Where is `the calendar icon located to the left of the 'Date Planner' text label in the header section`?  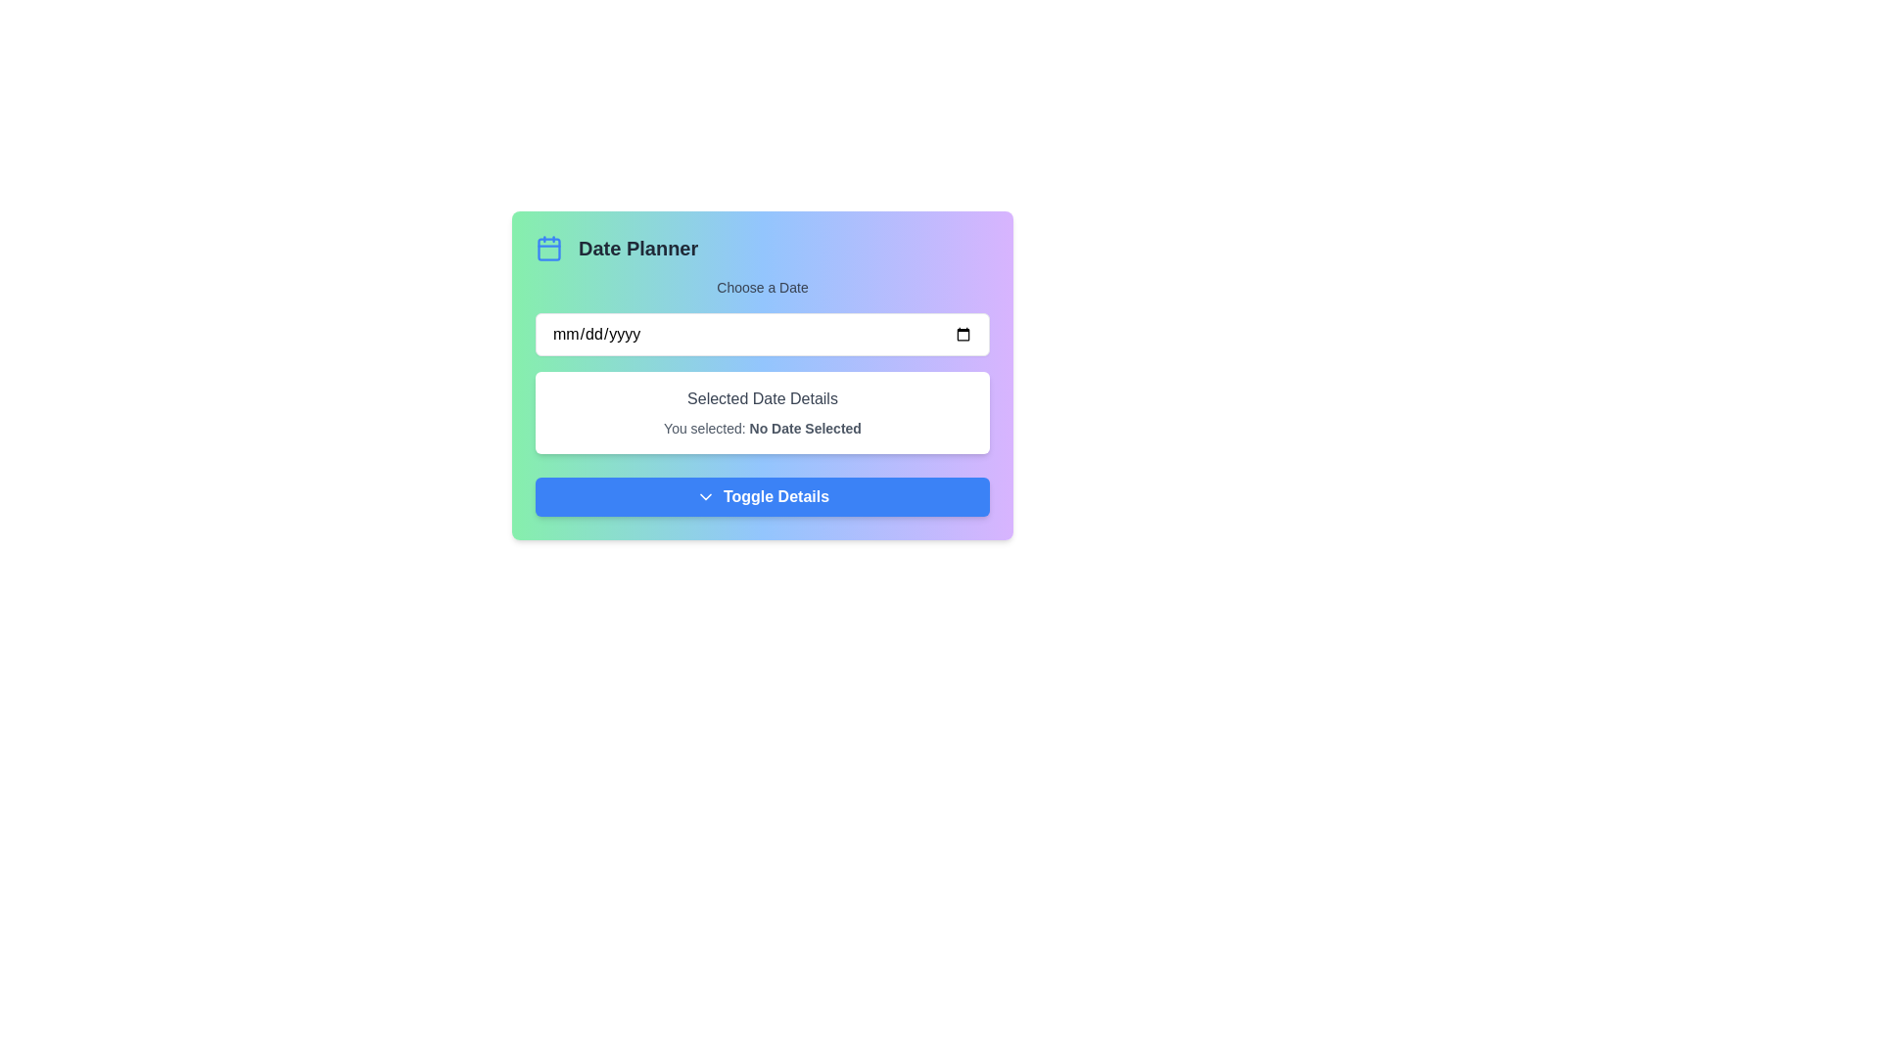
the calendar icon located to the left of the 'Date Planner' text label in the header section is located at coordinates (548, 248).